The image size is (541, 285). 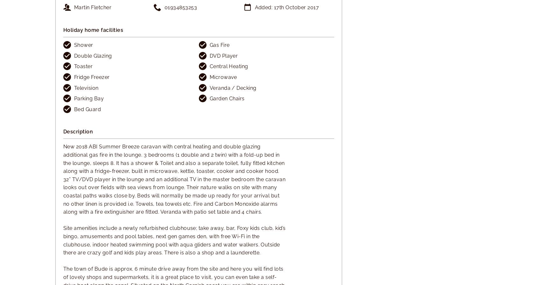 I want to click on 'Bed Guard', so click(x=88, y=109).